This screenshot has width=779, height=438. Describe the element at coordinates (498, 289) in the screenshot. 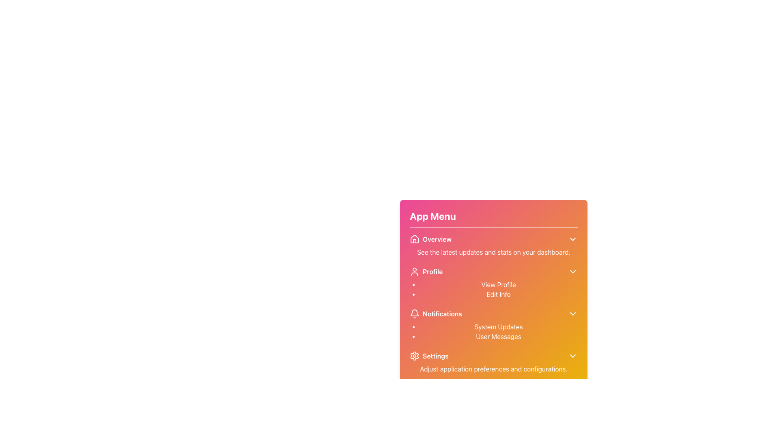

I see `the 'Edit Info' option in the List Item Group under the 'Profile' category in the sidebar menu to modify user information` at that location.